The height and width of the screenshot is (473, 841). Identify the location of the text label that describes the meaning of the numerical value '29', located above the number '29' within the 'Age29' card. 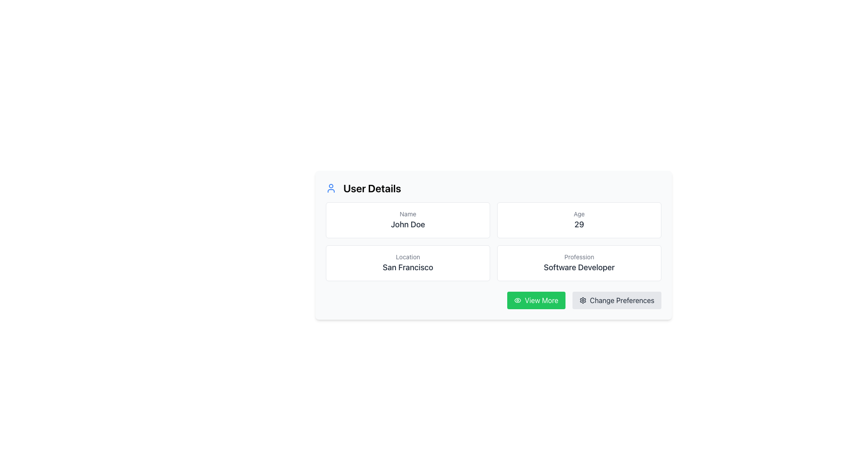
(579, 214).